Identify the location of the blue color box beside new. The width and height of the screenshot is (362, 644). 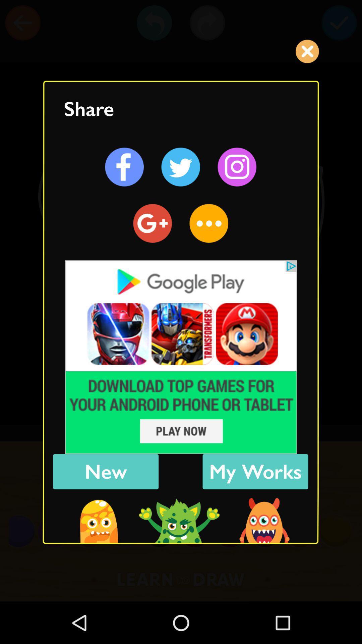
(255, 471).